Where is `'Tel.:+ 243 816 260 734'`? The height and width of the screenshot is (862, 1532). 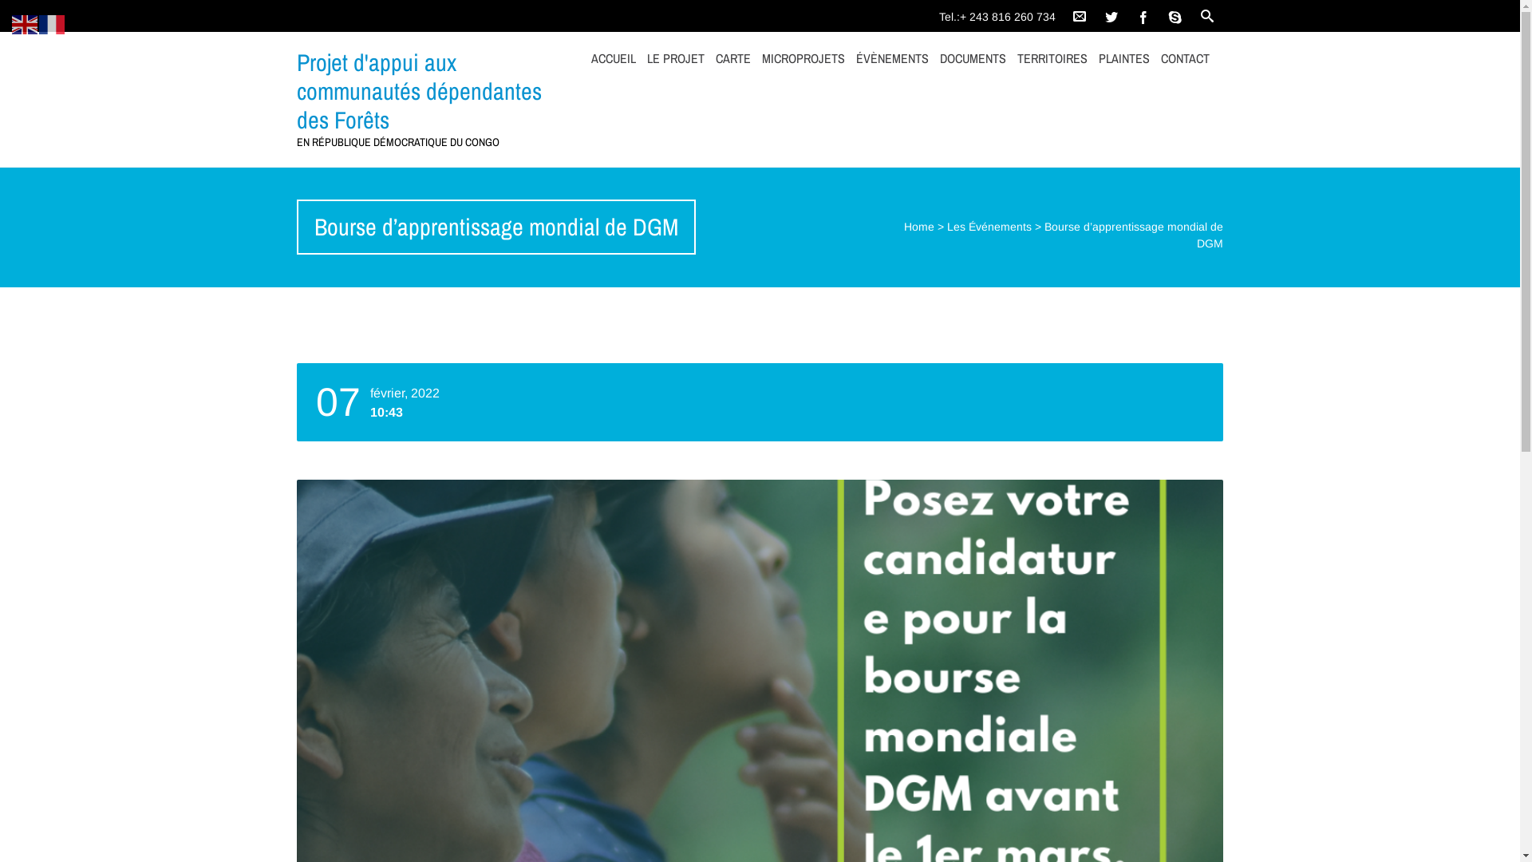 'Tel.:+ 243 816 260 734' is located at coordinates (1000, 12).